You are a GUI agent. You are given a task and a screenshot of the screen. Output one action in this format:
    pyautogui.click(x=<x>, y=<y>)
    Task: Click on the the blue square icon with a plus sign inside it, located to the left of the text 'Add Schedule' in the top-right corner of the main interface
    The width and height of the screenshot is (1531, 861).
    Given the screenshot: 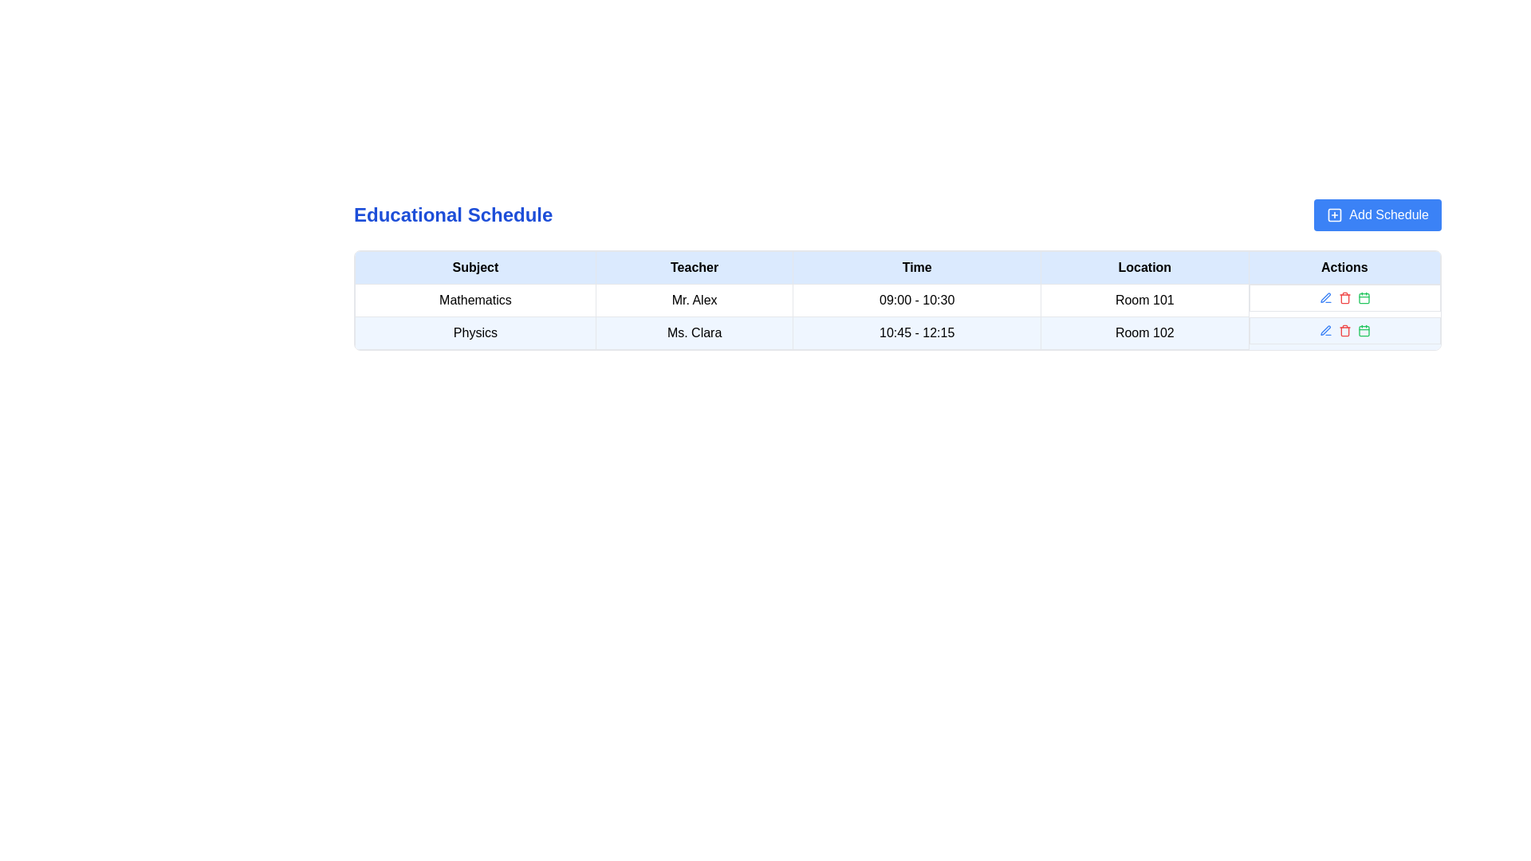 What is the action you would take?
    pyautogui.click(x=1335, y=215)
    